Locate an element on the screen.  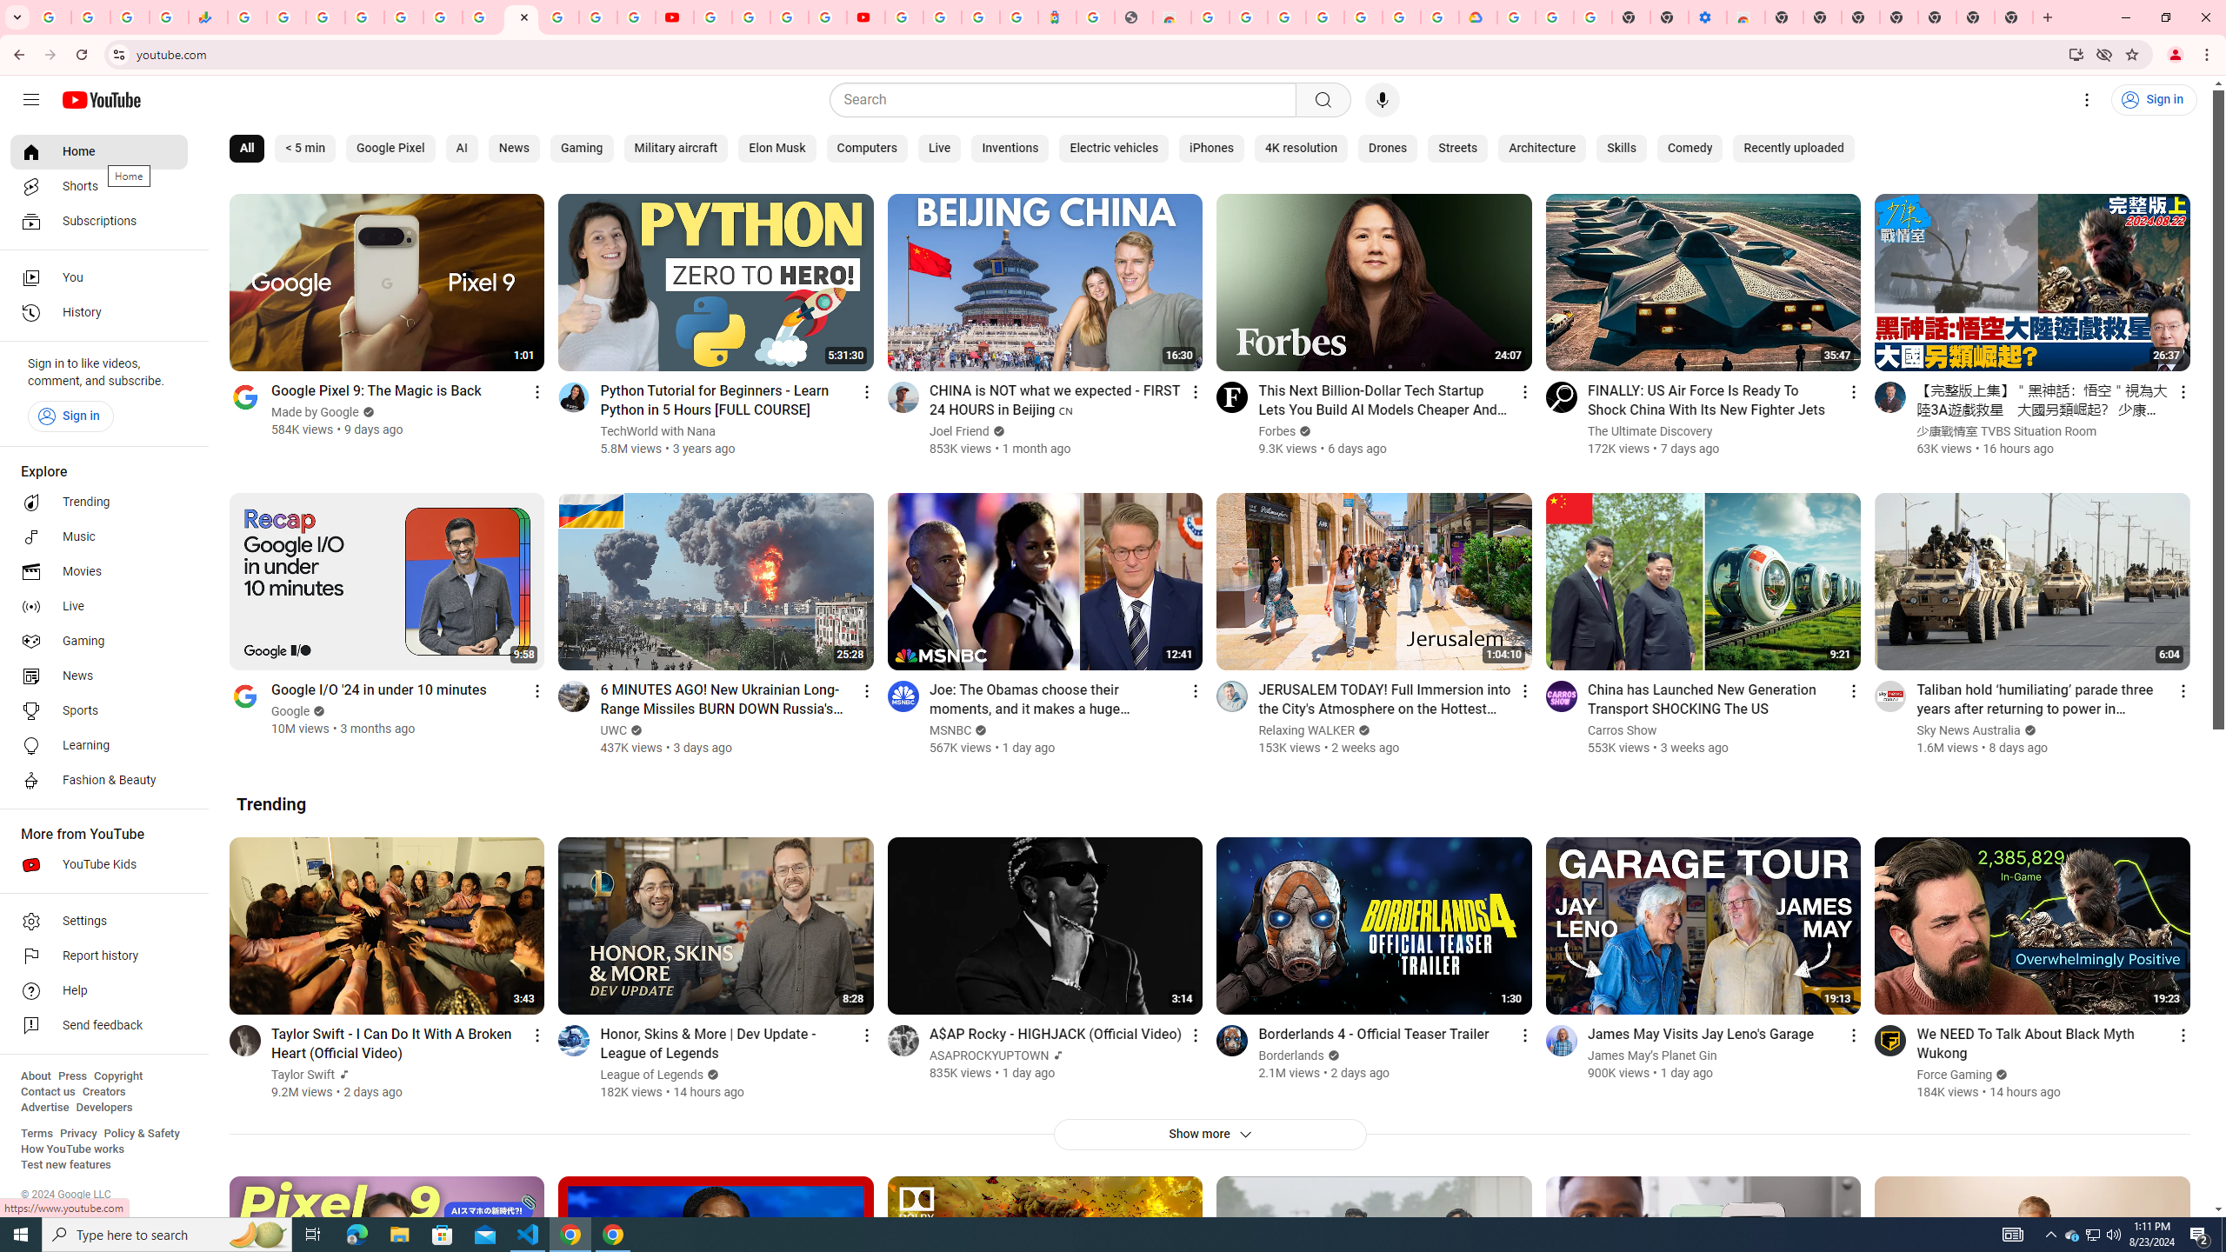
'How YouTube works' is located at coordinates (71, 1149).